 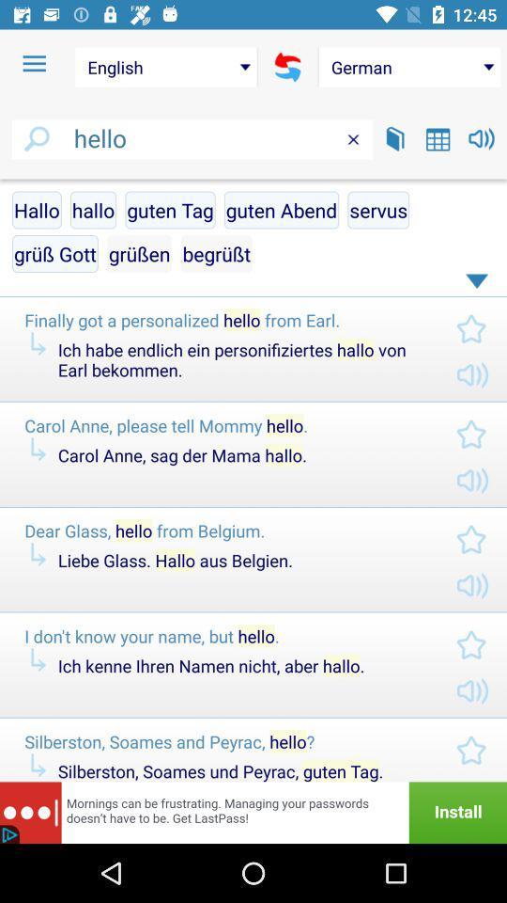 What do you see at coordinates (241, 560) in the screenshot?
I see `liebe glass hallo` at bounding box center [241, 560].